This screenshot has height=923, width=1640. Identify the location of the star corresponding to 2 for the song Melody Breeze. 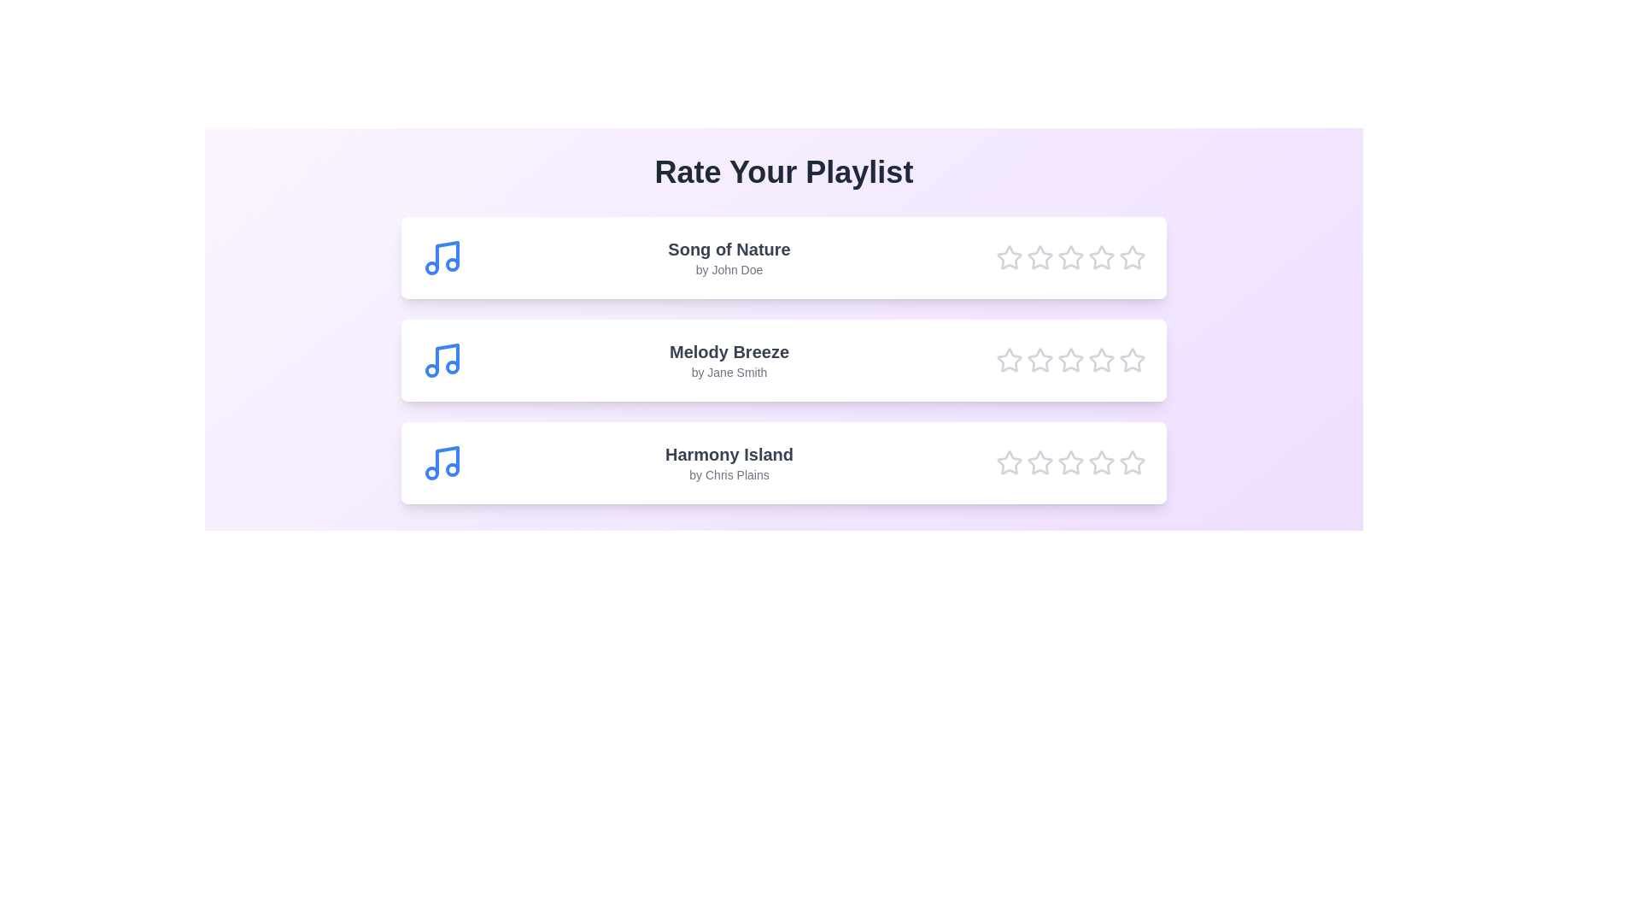
(1040, 359).